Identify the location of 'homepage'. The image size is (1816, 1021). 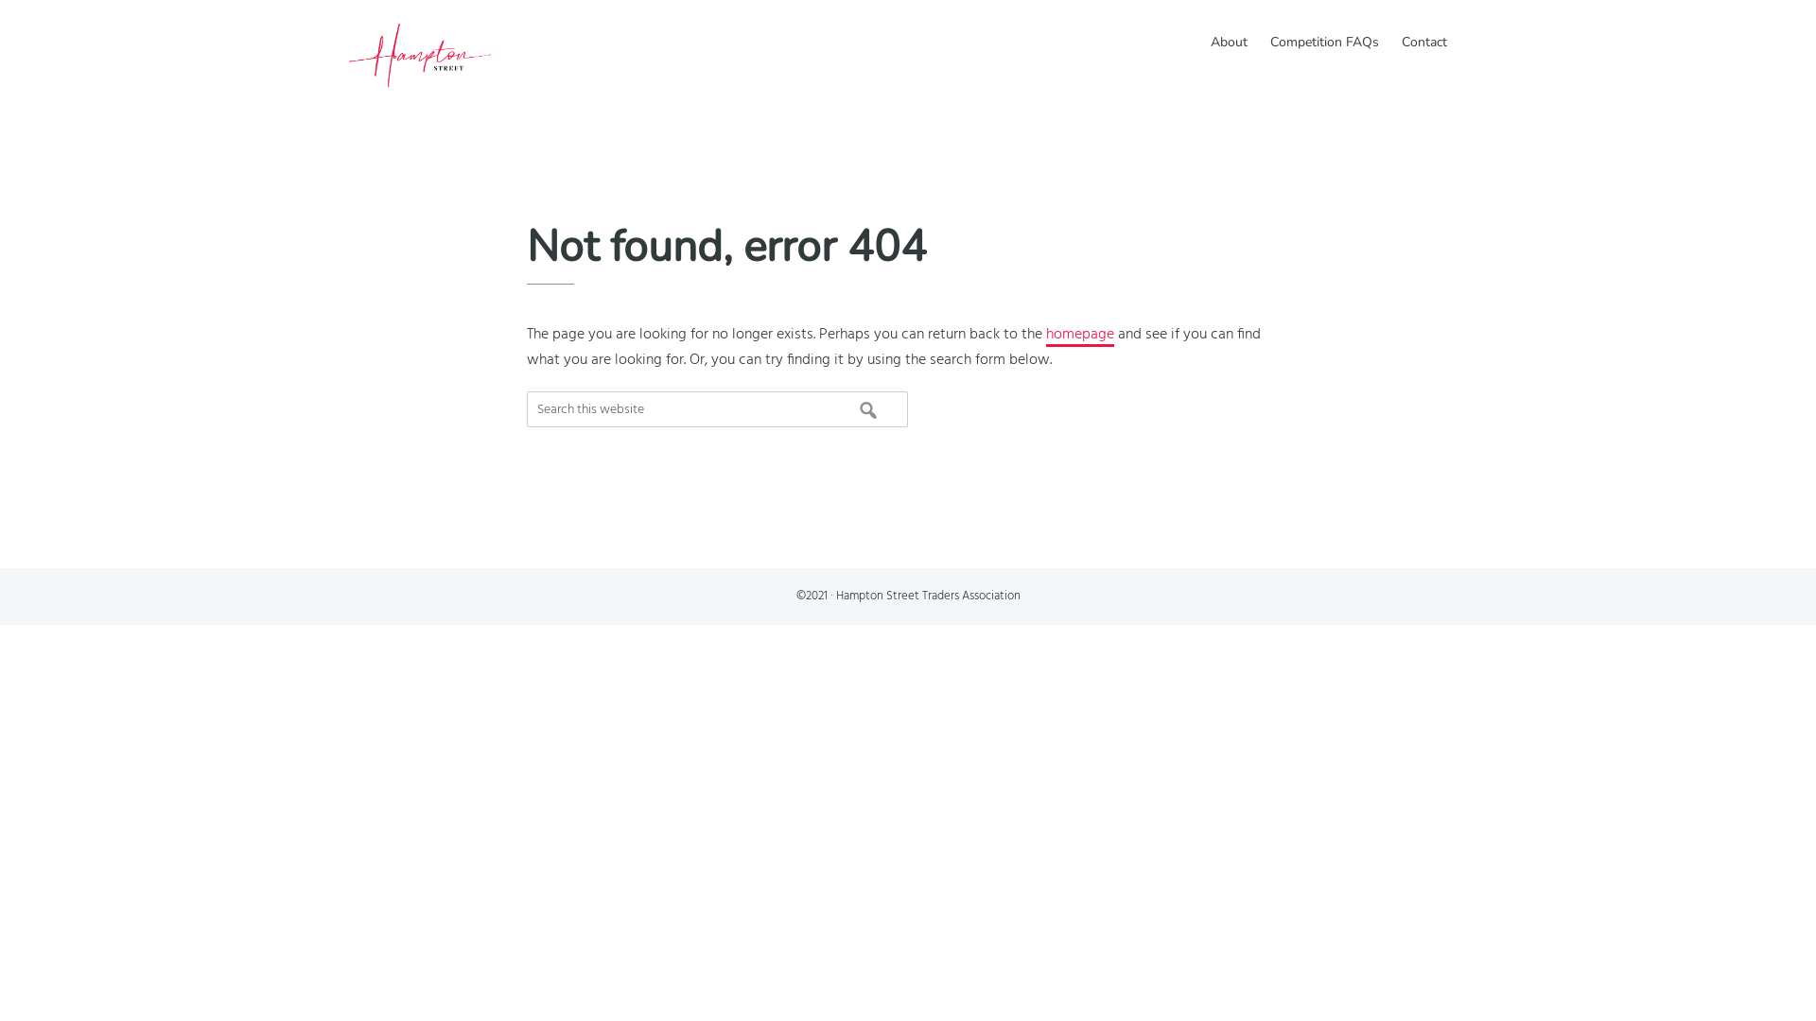
(1080, 334).